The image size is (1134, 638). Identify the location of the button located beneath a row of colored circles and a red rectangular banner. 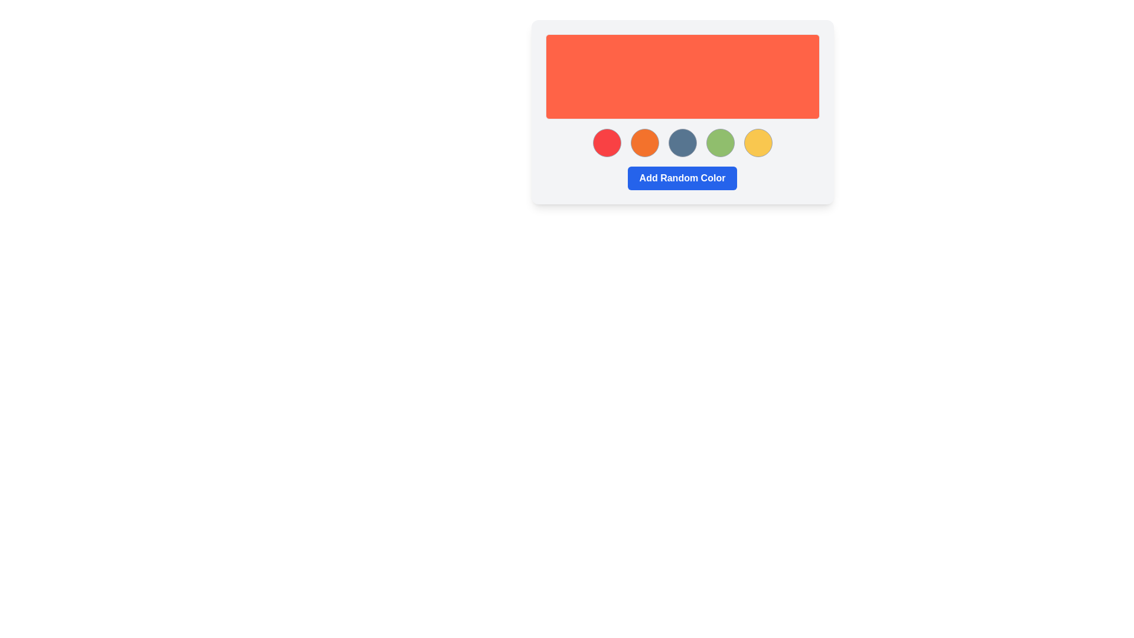
(682, 178).